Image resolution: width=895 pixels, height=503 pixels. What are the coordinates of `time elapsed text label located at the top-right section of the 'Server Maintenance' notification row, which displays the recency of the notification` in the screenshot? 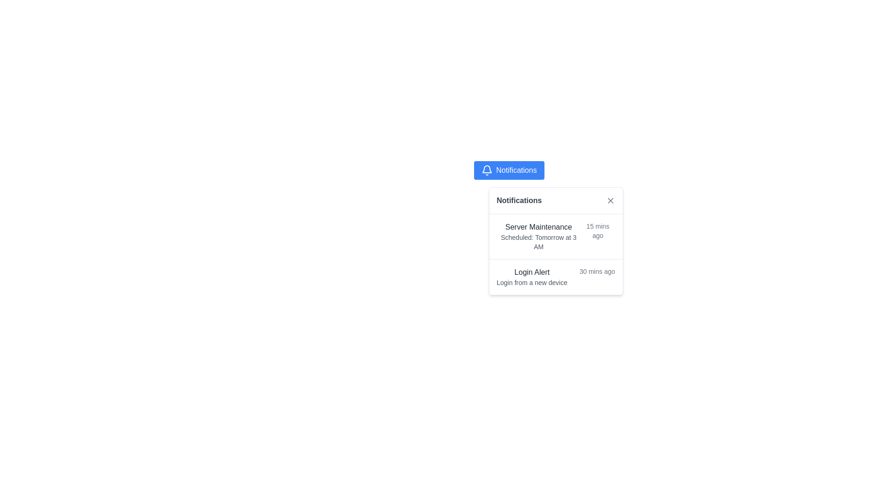 It's located at (598, 231).